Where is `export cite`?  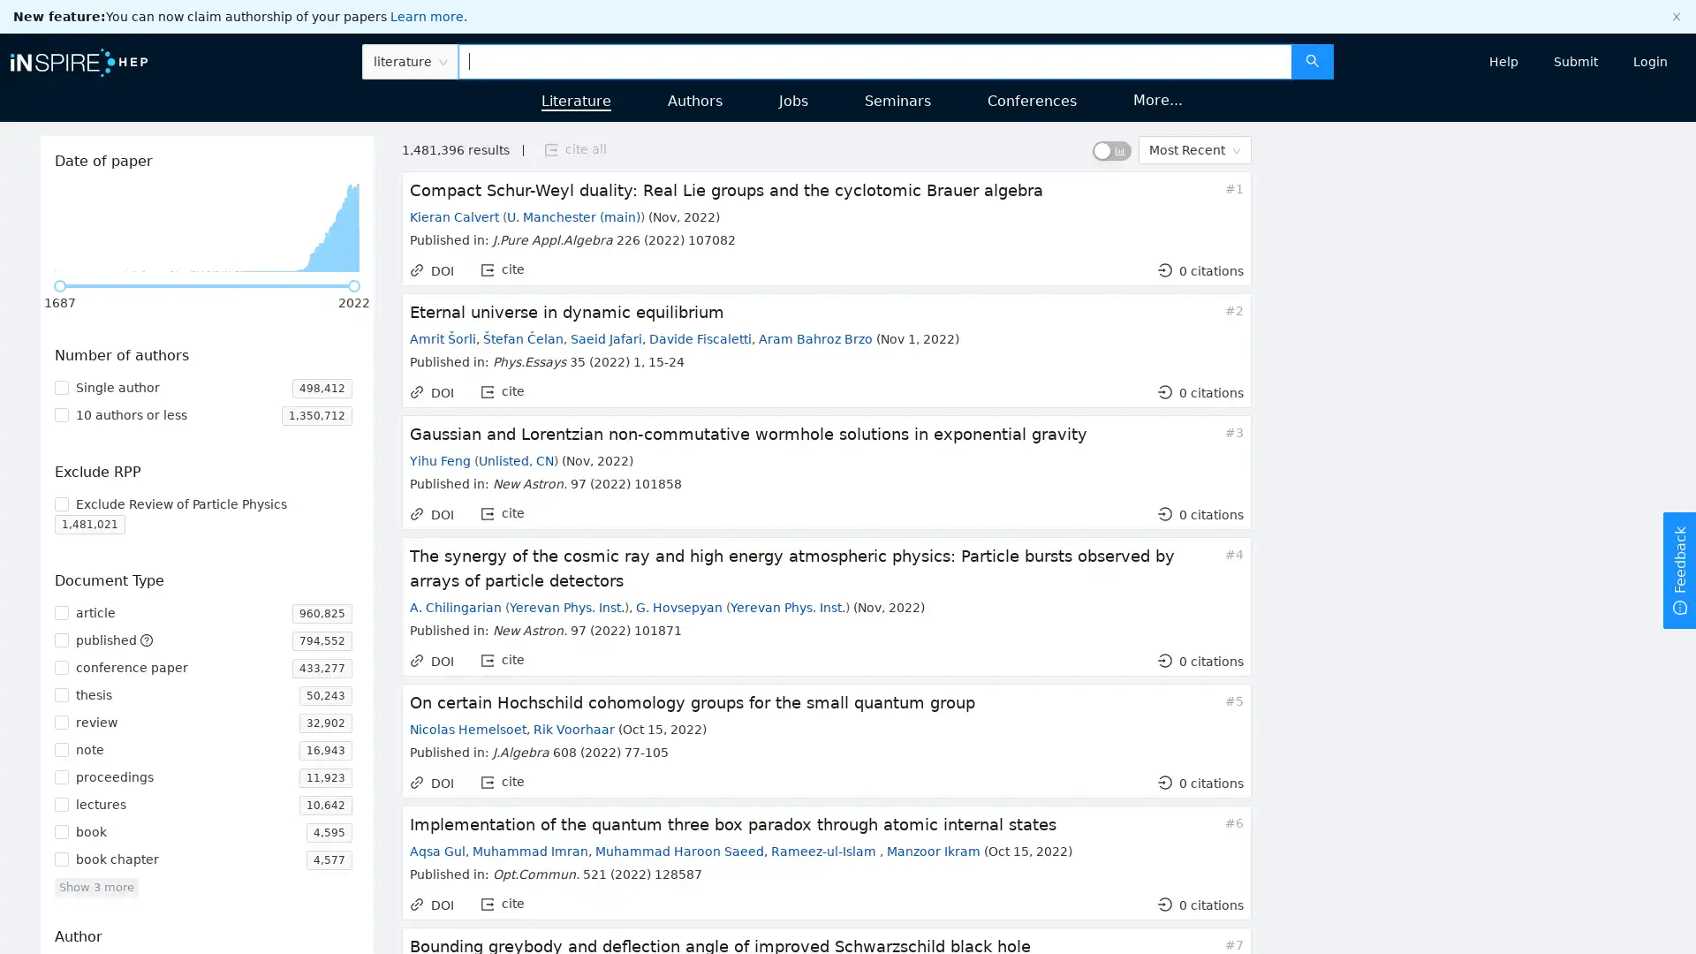 export cite is located at coordinates (500, 514).